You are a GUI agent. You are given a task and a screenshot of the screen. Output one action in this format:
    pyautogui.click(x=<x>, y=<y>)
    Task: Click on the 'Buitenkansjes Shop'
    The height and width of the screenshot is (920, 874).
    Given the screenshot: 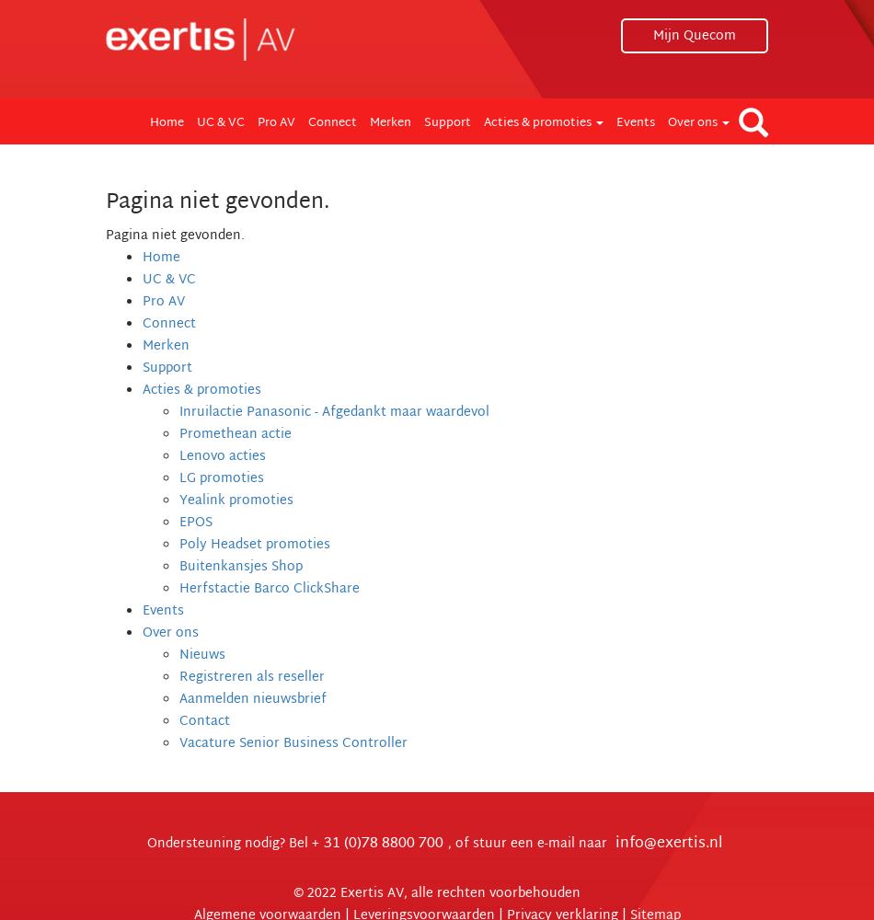 What is the action you would take?
    pyautogui.click(x=240, y=566)
    